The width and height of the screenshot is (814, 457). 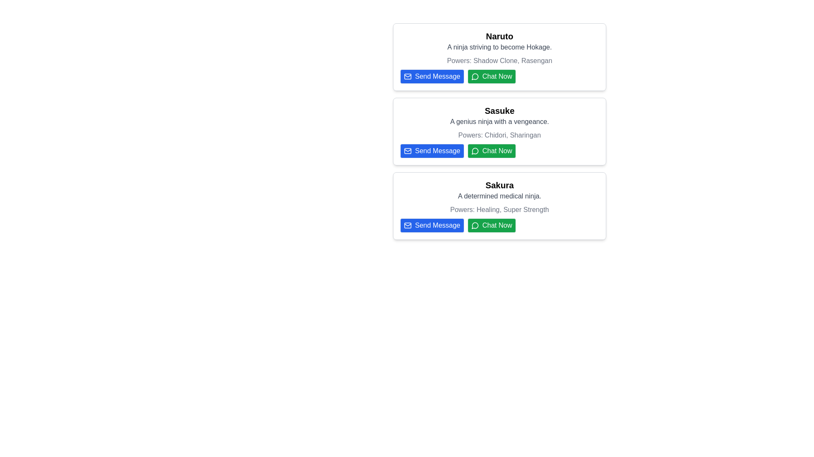 I want to click on the decorative chat icon located to the left of the 'Chat Now' button beneath the 'Naruto' section, so click(x=475, y=225).